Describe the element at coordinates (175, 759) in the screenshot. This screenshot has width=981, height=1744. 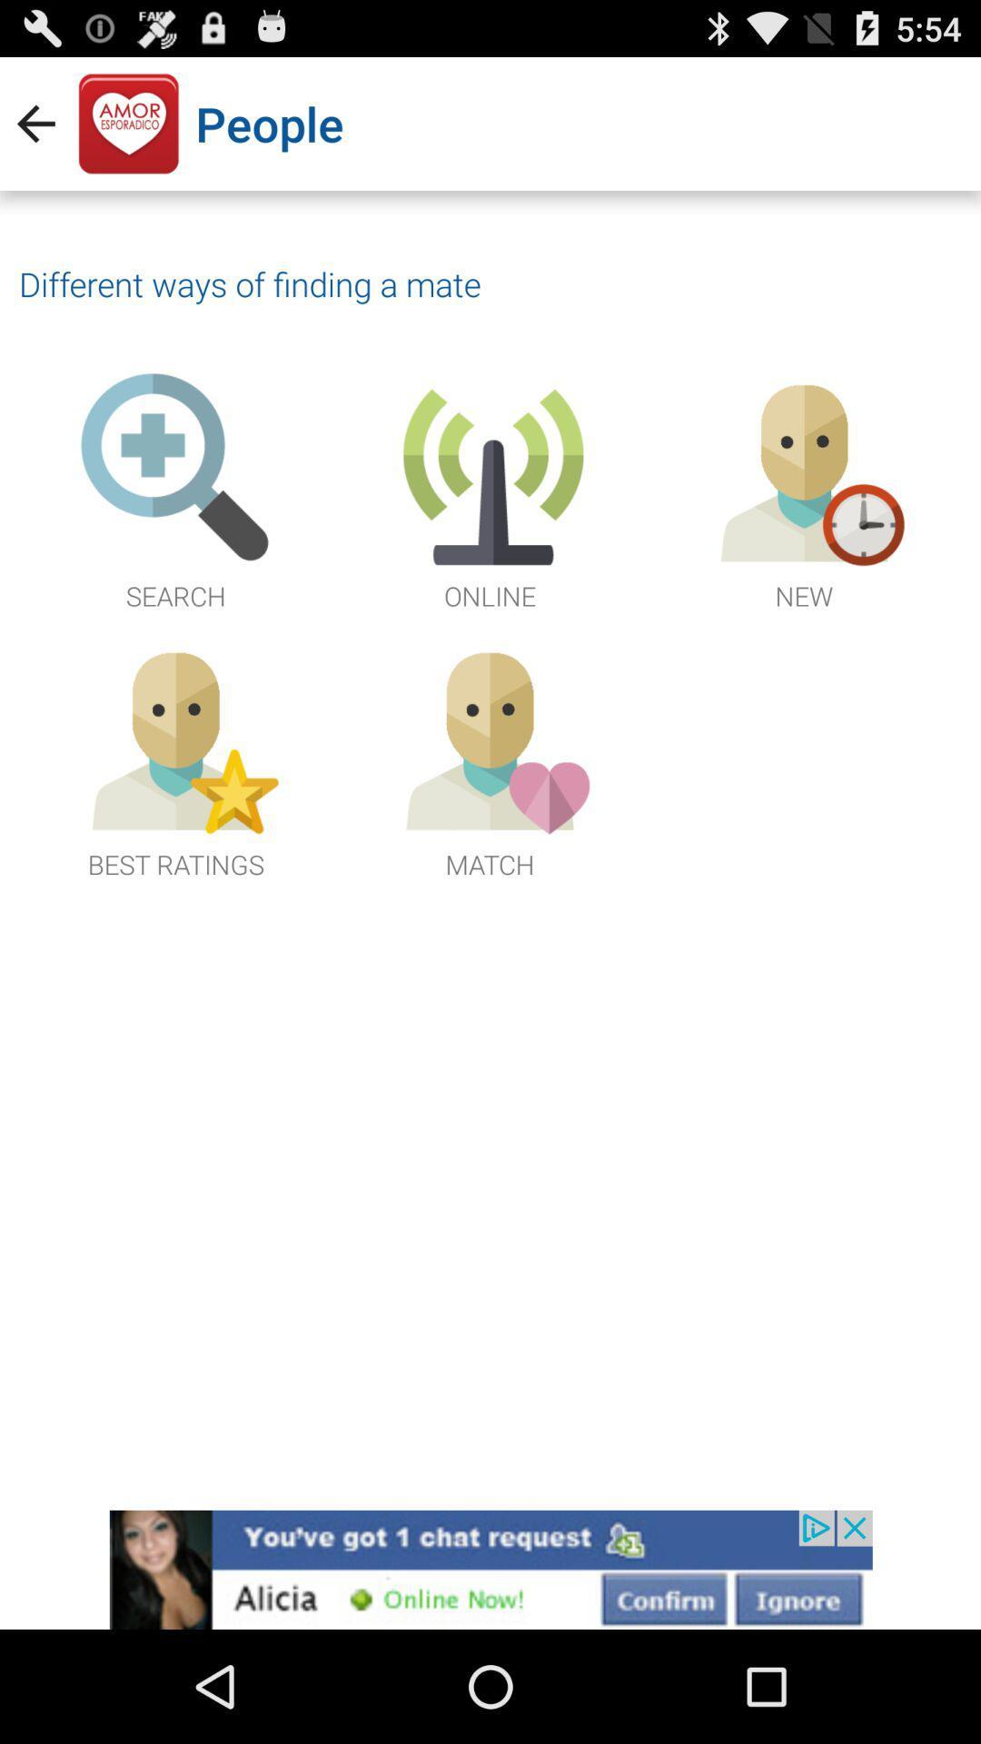
I see `see your best ratings` at that location.